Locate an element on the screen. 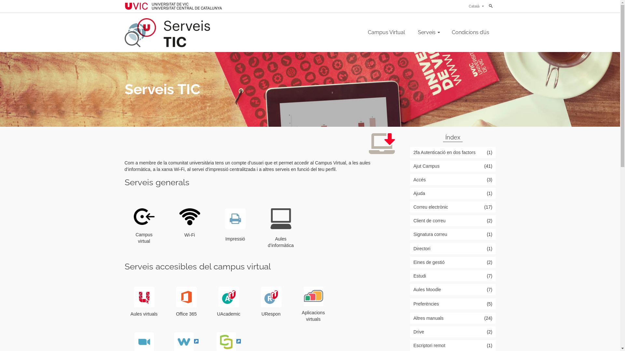 The height and width of the screenshot is (351, 625). 'Serveis' is located at coordinates (411, 32).